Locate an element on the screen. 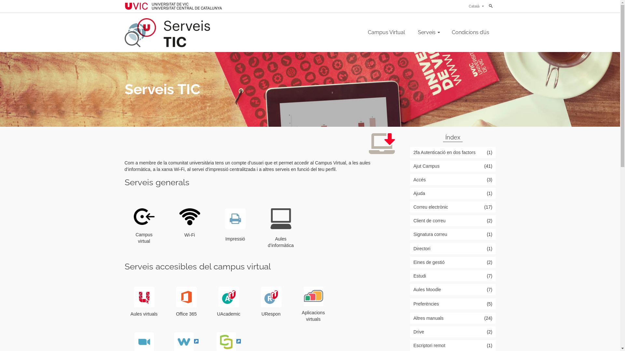 The height and width of the screenshot is (351, 625). 'Serveis' is located at coordinates (411, 32).